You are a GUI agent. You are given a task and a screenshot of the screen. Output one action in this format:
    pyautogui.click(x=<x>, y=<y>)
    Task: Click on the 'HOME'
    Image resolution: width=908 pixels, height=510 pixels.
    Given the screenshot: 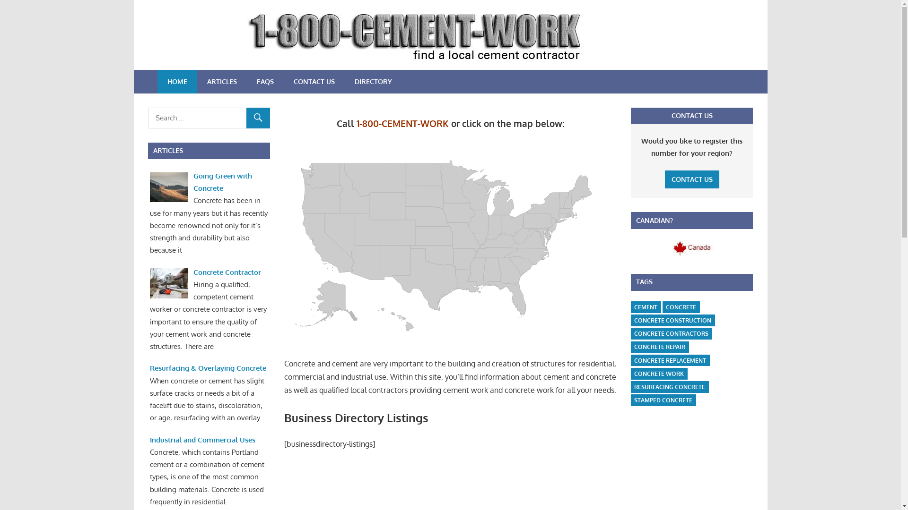 What is the action you would take?
    pyautogui.click(x=177, y=81)
    